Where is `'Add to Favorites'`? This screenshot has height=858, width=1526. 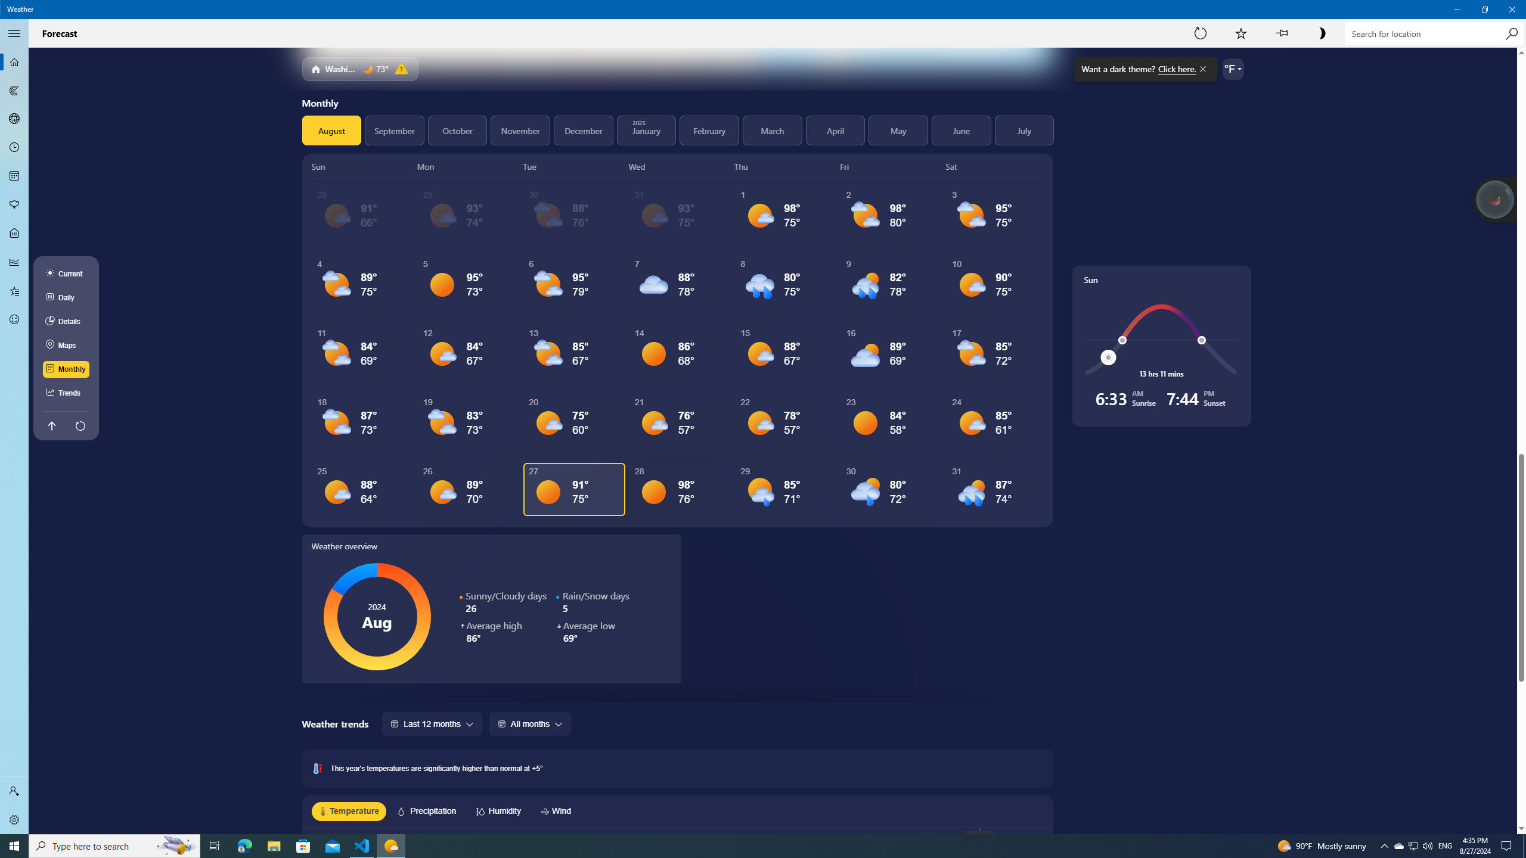 'Add to Favorites' is located at coordinates (1241, 33).